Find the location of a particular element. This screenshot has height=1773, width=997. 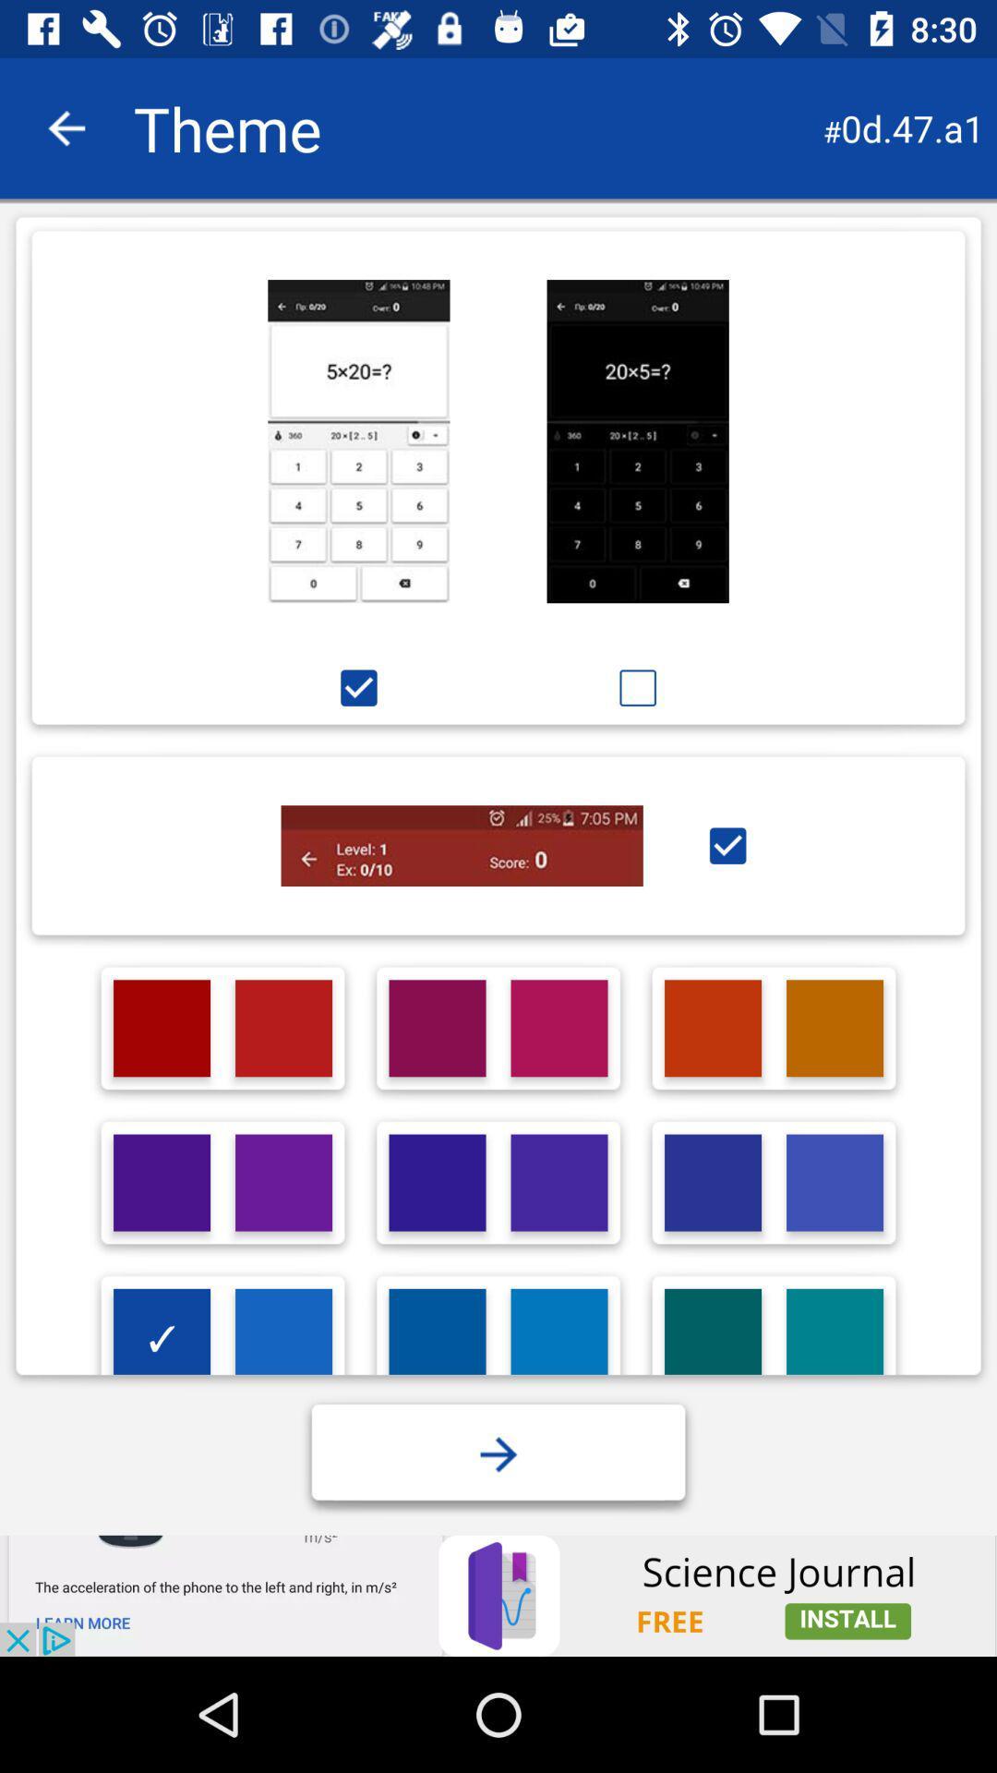

option below second image is located at coordinates (637, 687).